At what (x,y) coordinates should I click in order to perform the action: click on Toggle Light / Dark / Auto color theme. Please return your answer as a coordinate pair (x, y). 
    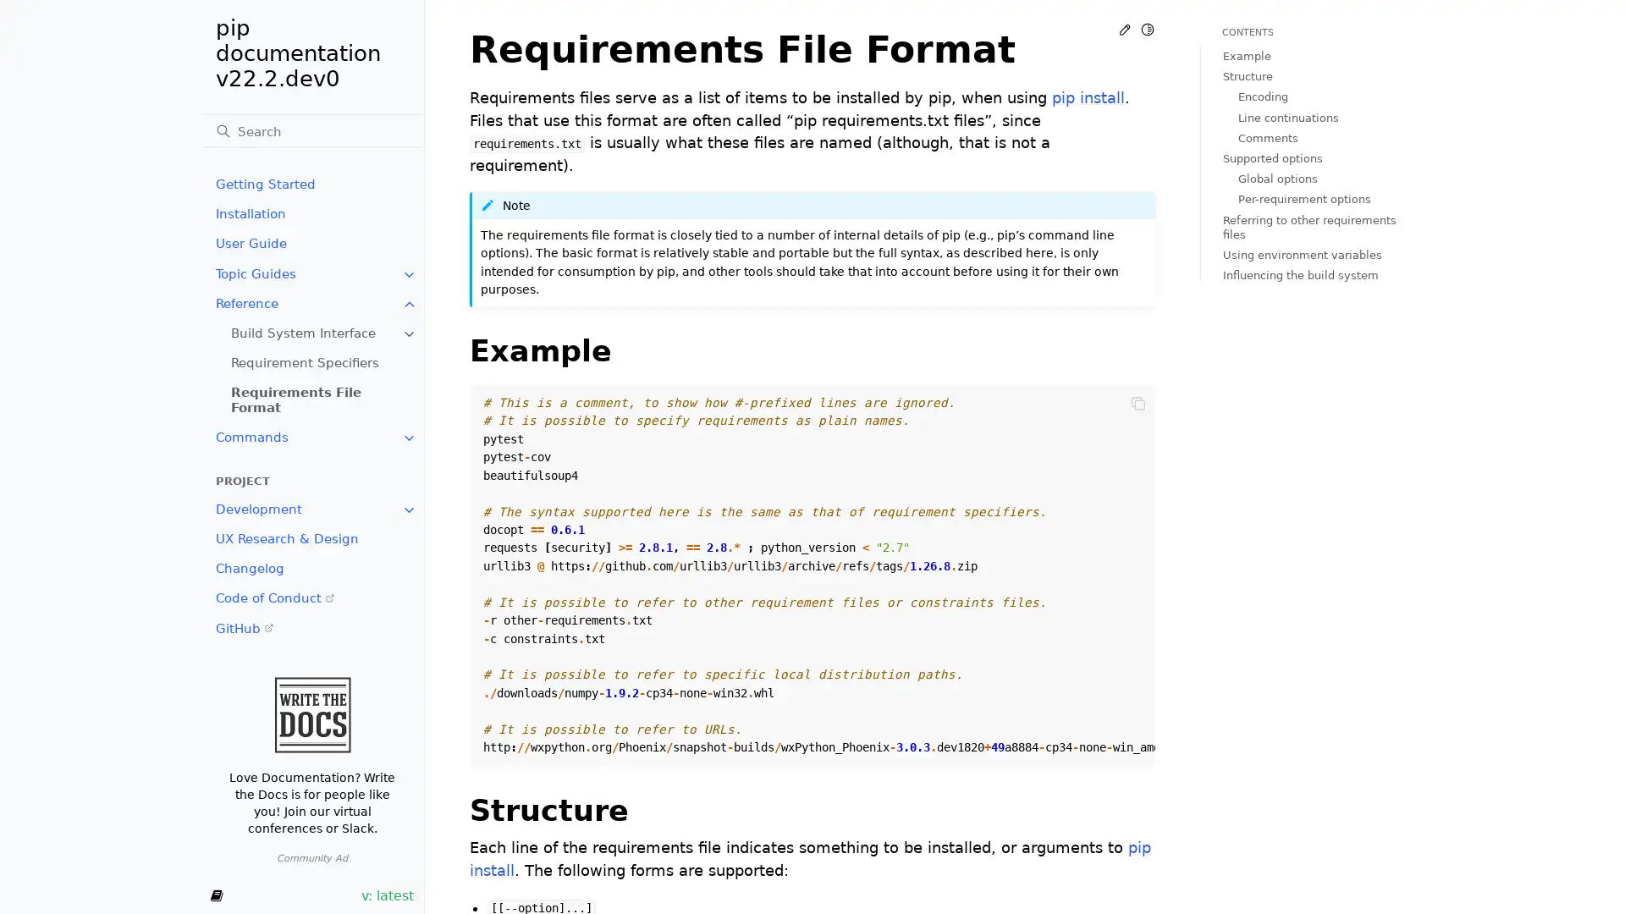
    Looking at the image, I should click on (1147, 29).